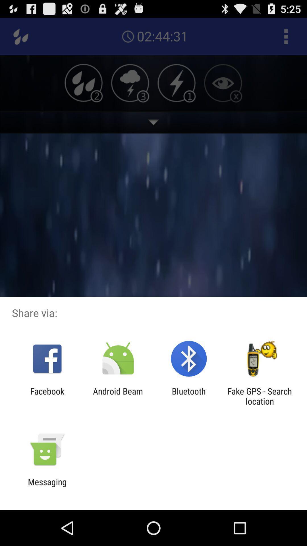 This screenshot has width=307, height=546. What do you see at coordinates (189, 396) in the screenshot?
I see `the app next to android beam item` at bounding box center [189, 396].